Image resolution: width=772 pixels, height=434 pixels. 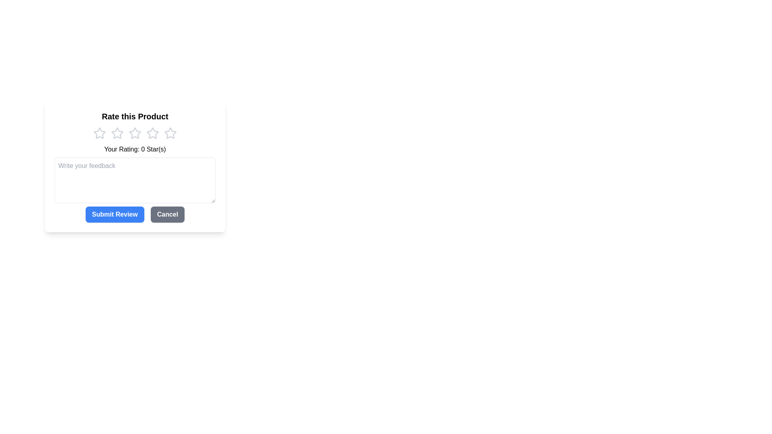 I want to click on the 'Submit Review' button, which is a blue button with white bold text, located at the bottom left of the dialog box, so click(x=114, y=214).